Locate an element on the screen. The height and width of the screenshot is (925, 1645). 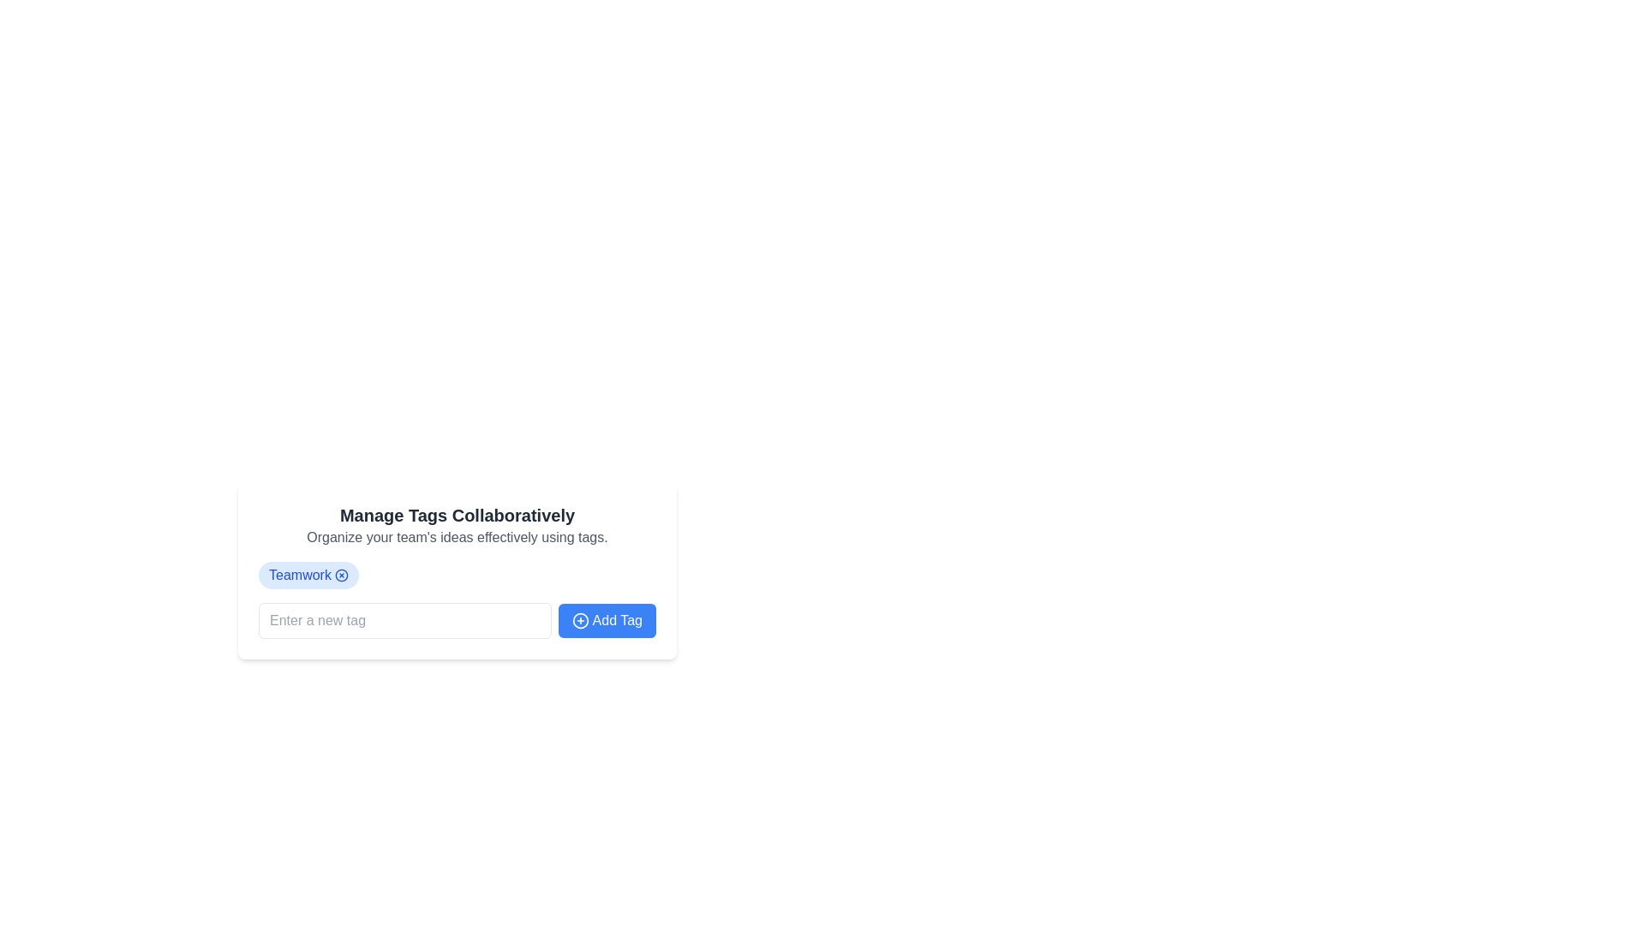
the circular outline component located to the right of the 'Teamwork' label in the primary content area near the center of the interface is located at coordinates (341, 575).